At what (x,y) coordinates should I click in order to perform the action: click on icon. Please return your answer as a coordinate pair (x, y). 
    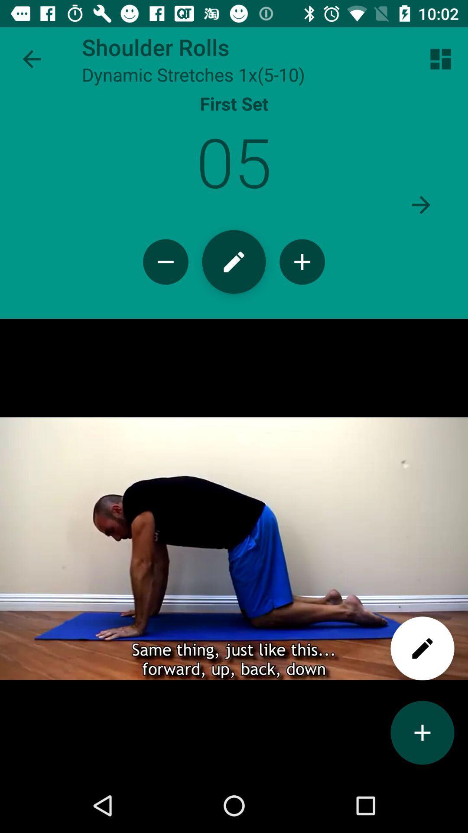
    Looking at the image, I should click on (302, 261).